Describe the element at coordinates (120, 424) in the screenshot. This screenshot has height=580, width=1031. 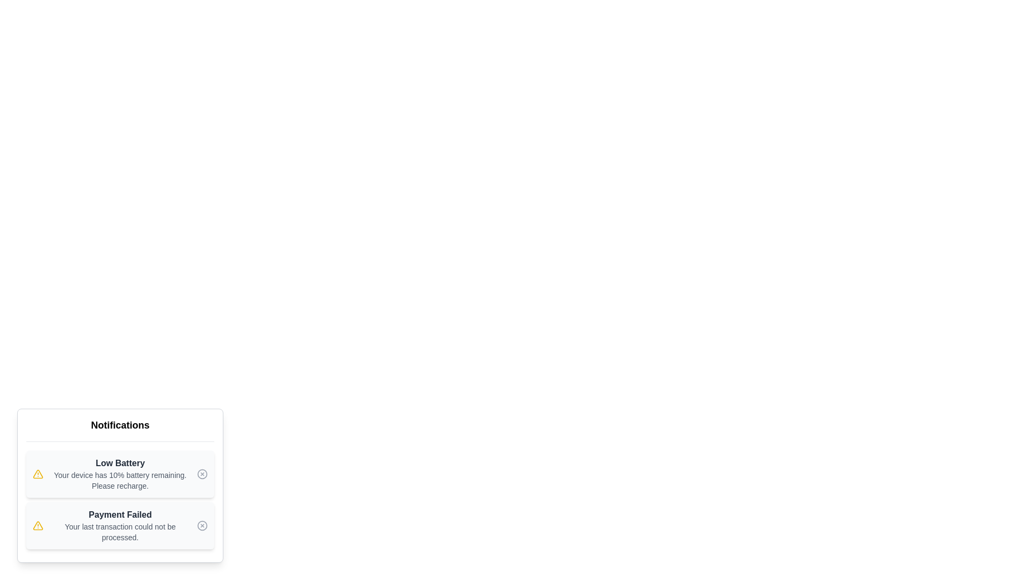
I see `the bold text label 'Notifications' at the top of the notifications panel` at that location.